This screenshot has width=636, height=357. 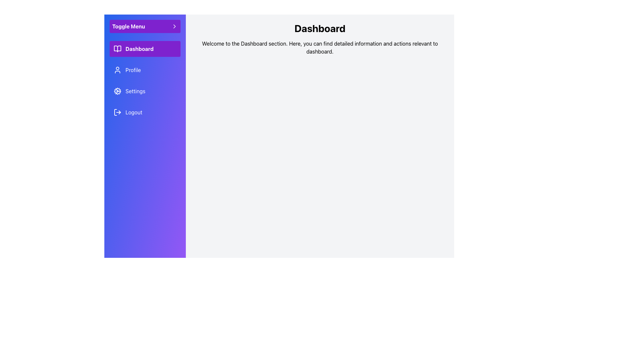 I want to click on the navigational button with an icon and text label located in the vertical navigation sidebar, so click(x=144, y=48).